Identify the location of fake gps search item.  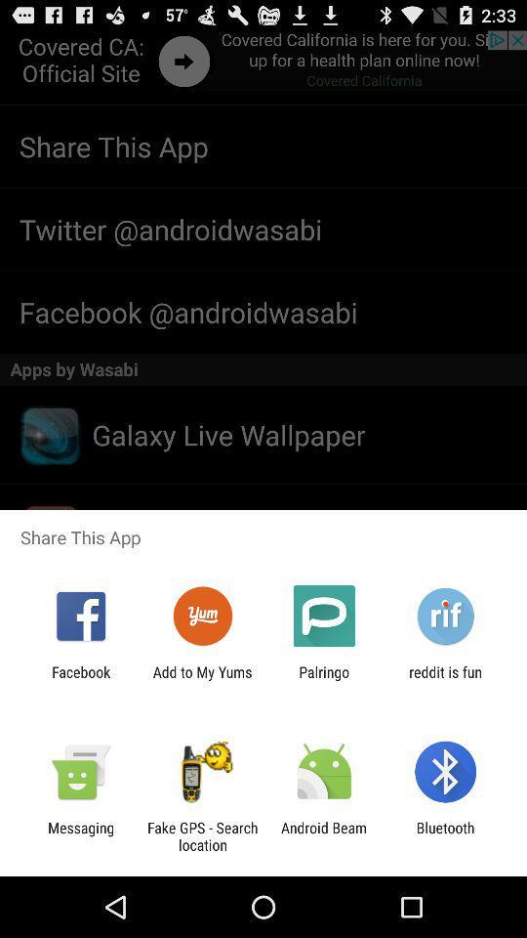
(201, 835).